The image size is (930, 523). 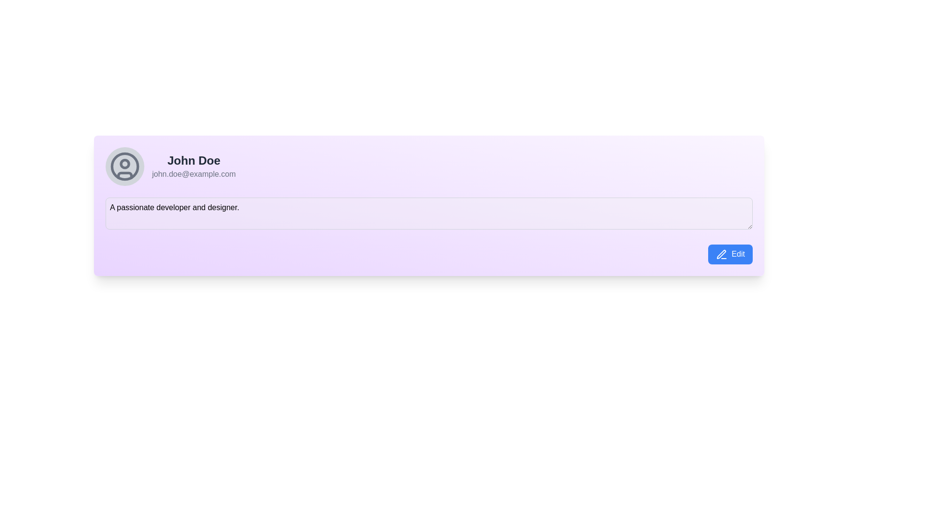 I want to click on the email address label "john.doe@example.com" which is styled in light gray and positioned directly beneath the name "John Doe" in the profile section, so click(x=194, y=173).